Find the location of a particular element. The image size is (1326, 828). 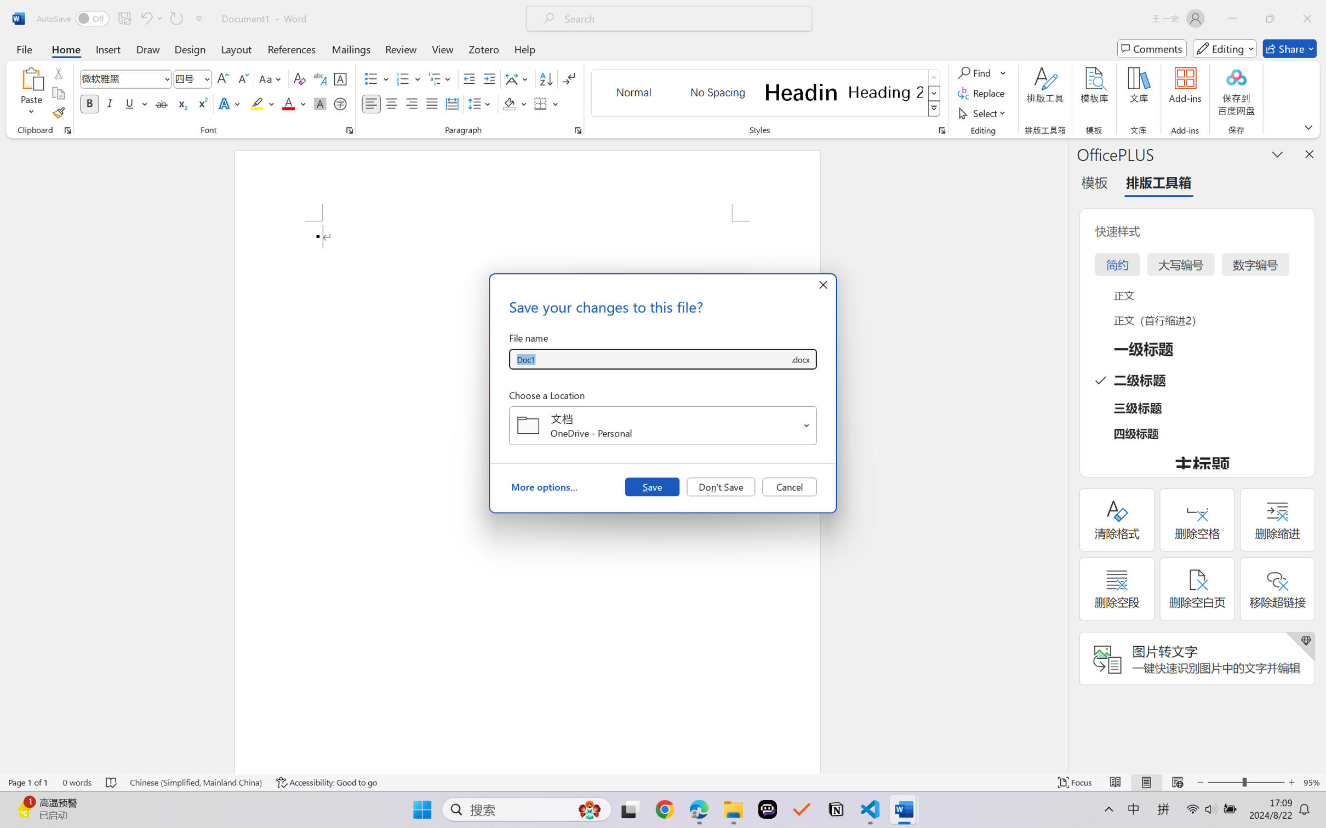

'Font Color Red' is located at coordinates (289, 103).